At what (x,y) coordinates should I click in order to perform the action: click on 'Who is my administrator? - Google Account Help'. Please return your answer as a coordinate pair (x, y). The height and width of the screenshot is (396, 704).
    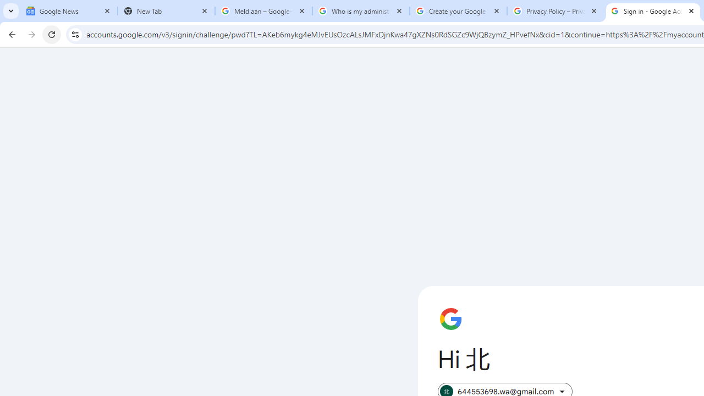
    Looking at the image, I should click on (361, 11).